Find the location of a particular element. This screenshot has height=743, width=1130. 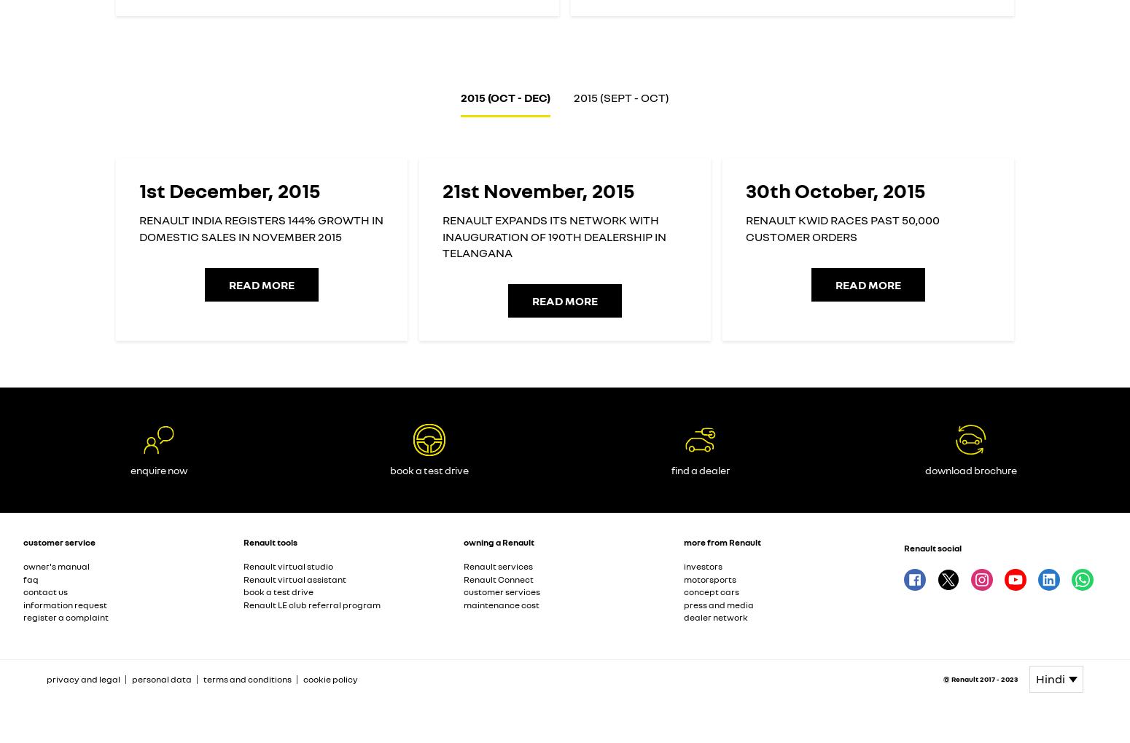

'dealer network' is located at coordinates (714, 616).